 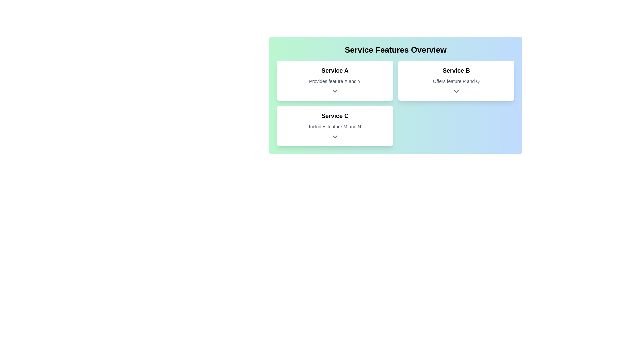 What do you see at coordinates (456, 71) in the screenshot?
I see `the bold text label displaying 'Service B'` at bounding box center [456, 71].